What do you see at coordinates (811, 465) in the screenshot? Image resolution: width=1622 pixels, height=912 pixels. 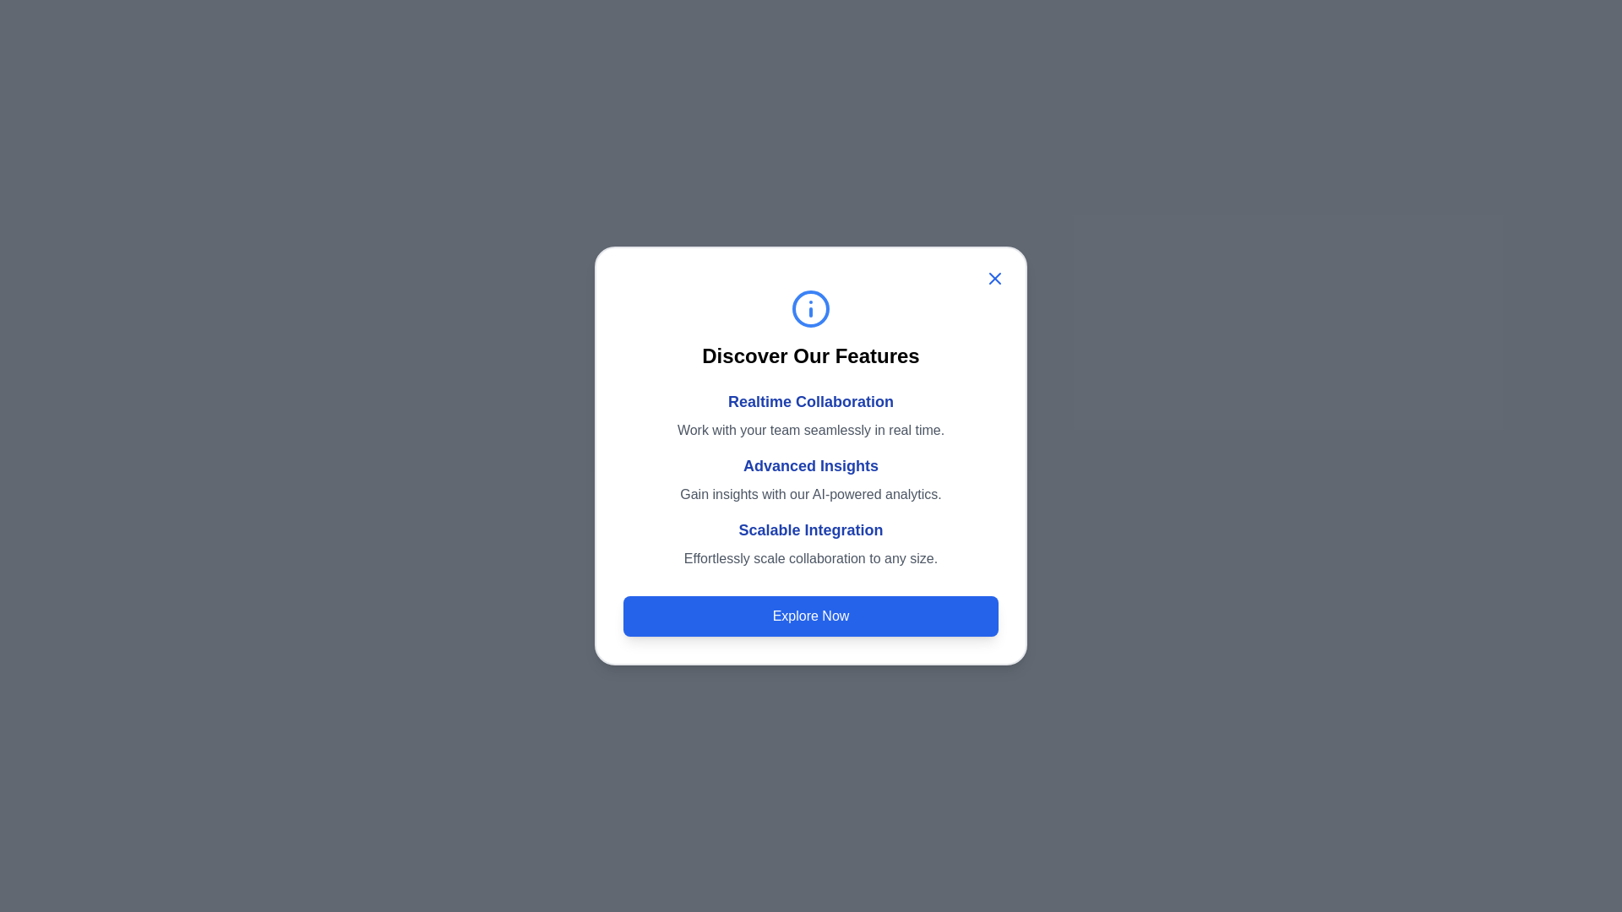 I see `the text heading 'Advanced Insights', which is styled in a large and bold blue font, located centrally beneath 'Discover Our Features' and above 'Gain insights with our AI-powered analytics'` at bounding box center [811, 465].